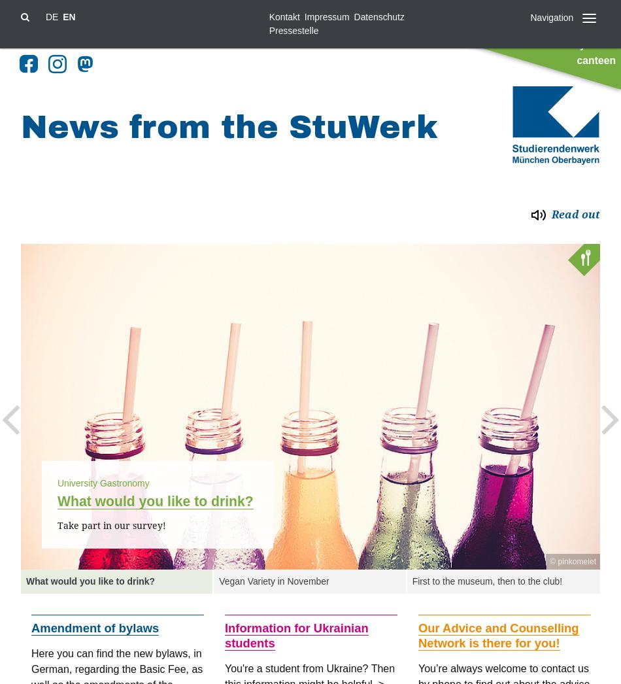 This screenshot has width=621, height=684. What do you see at coordinates (497, 635) in the screenshot?
I see `'Our Advice and Counselling Network is there for you!'` at bounding box center [497, 635].